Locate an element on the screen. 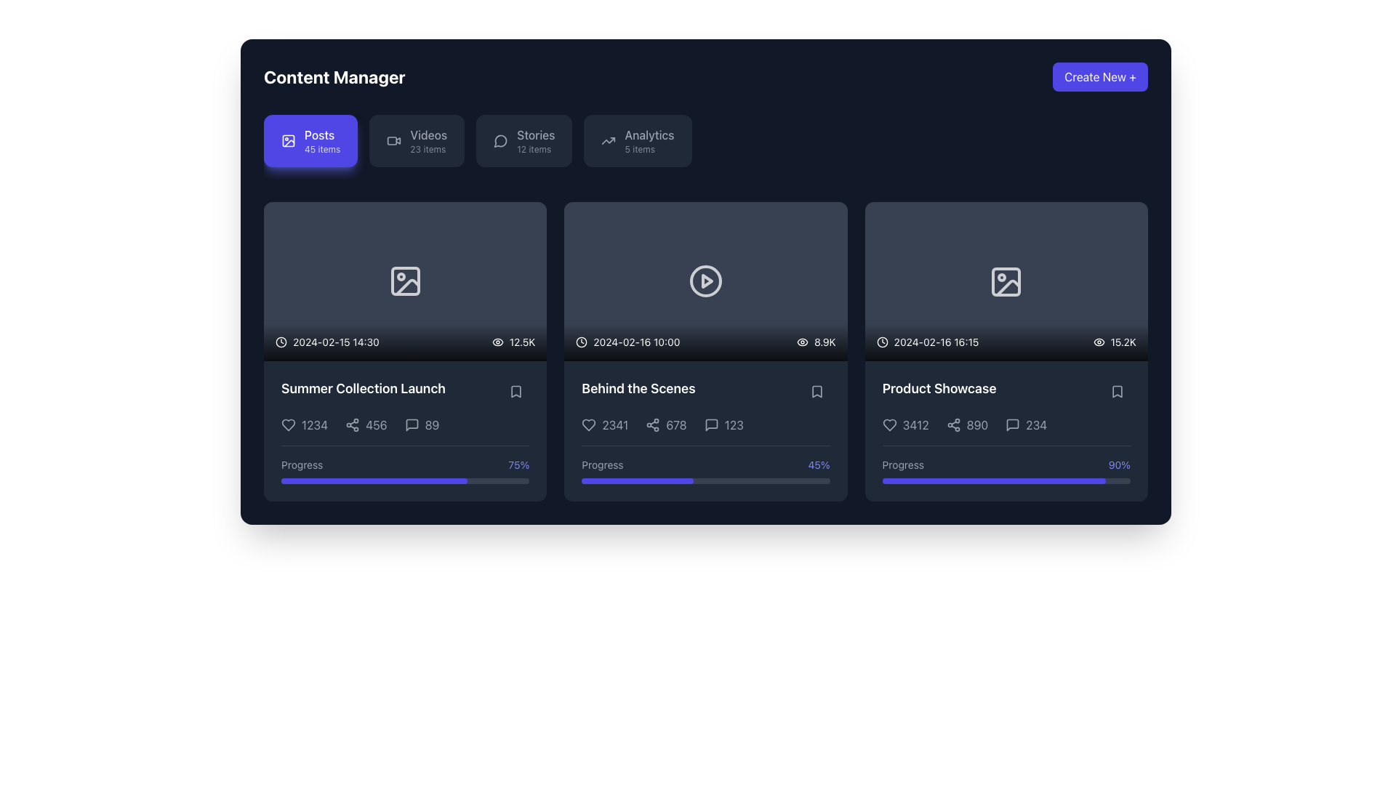  the informational textual indicator displaying the progress percentage of the task, located to the right of the progress bar in the 'Summer Collection Launch' card is located at coordinates (405, 465).